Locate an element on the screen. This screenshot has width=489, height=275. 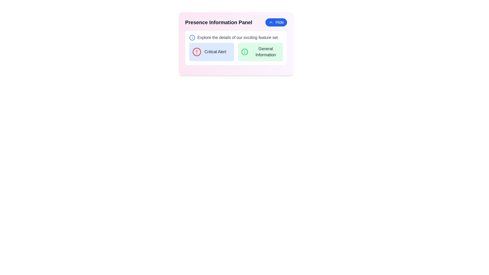
the text label displaying 'Presence Information Panel', which is a bold, extra-large font header aligned to the left, adjacent to the 'Hide' button is located at coordinates (219, 22).